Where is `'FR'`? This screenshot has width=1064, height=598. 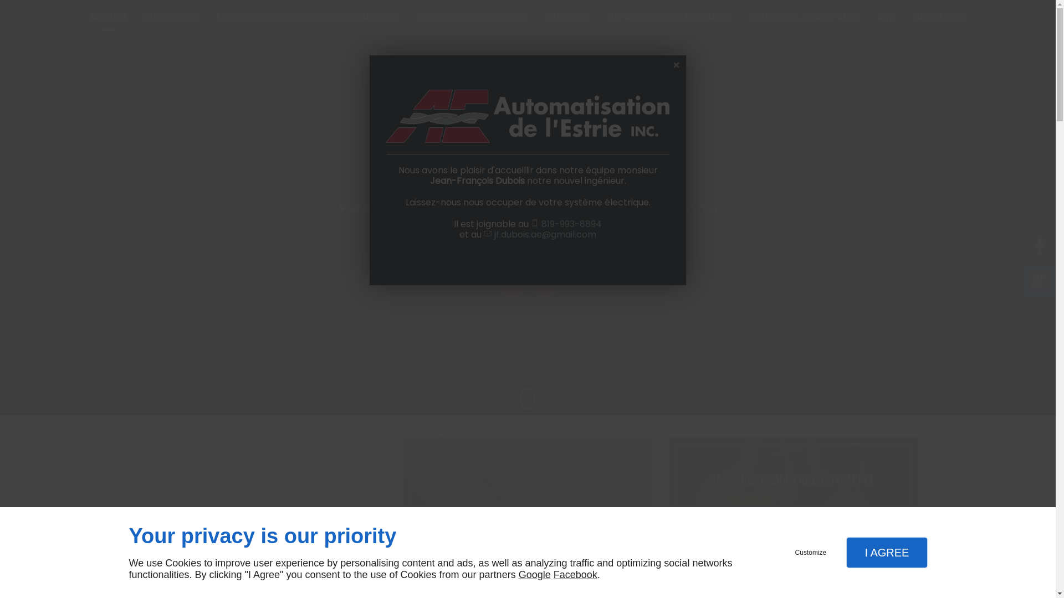
'FR' is located at coordinates (505, 282).